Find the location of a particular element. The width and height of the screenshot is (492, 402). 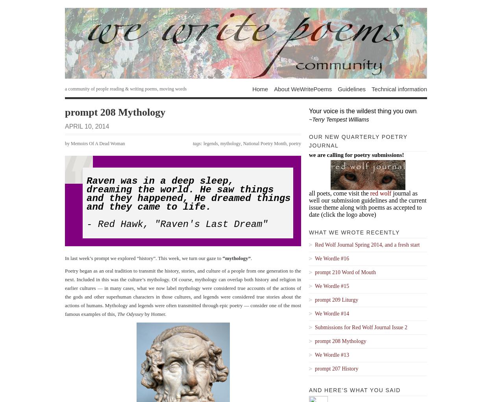

'what we wrote recently' is located at coordinates (354, 232).